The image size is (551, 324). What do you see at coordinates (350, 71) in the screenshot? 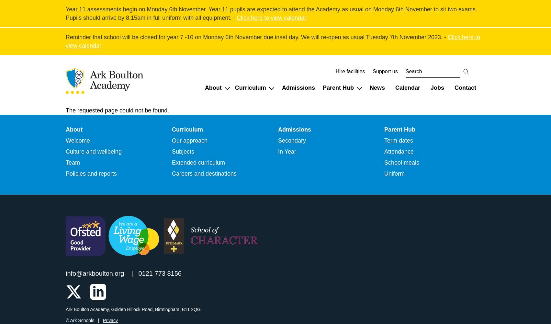
I see `'Hire facilities'` at bounding box center [350, 71].